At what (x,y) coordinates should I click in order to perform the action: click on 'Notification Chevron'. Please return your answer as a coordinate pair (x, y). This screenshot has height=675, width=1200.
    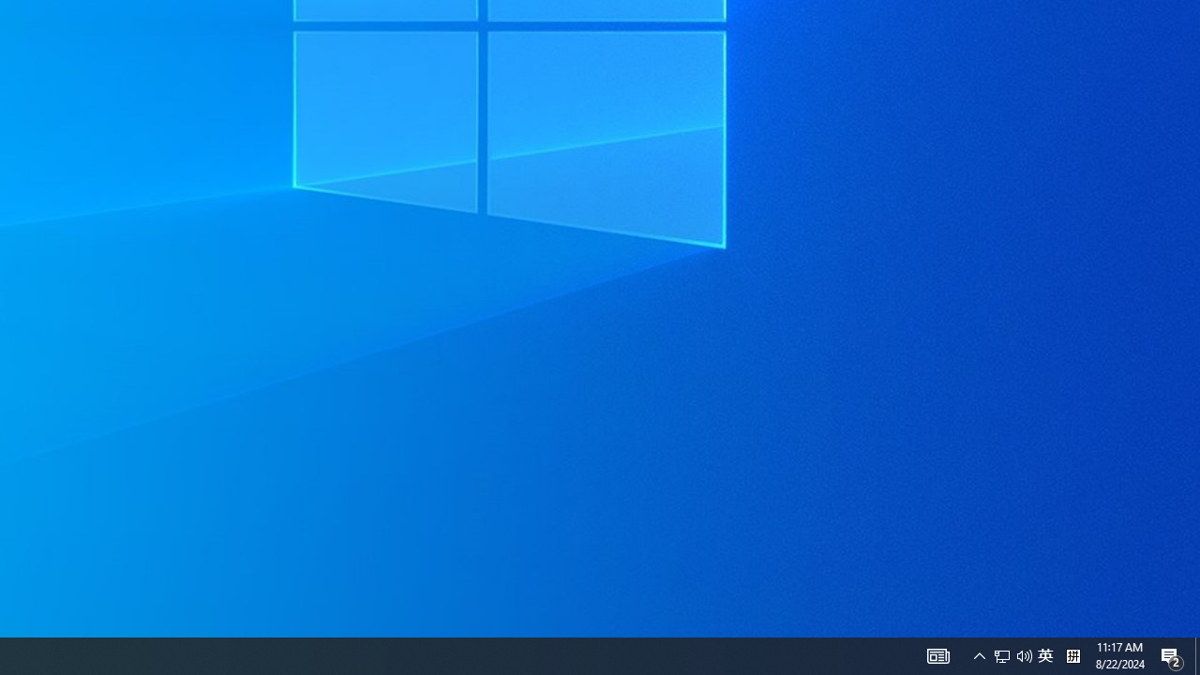
    Looking at the image, I should click on (1001, 654).